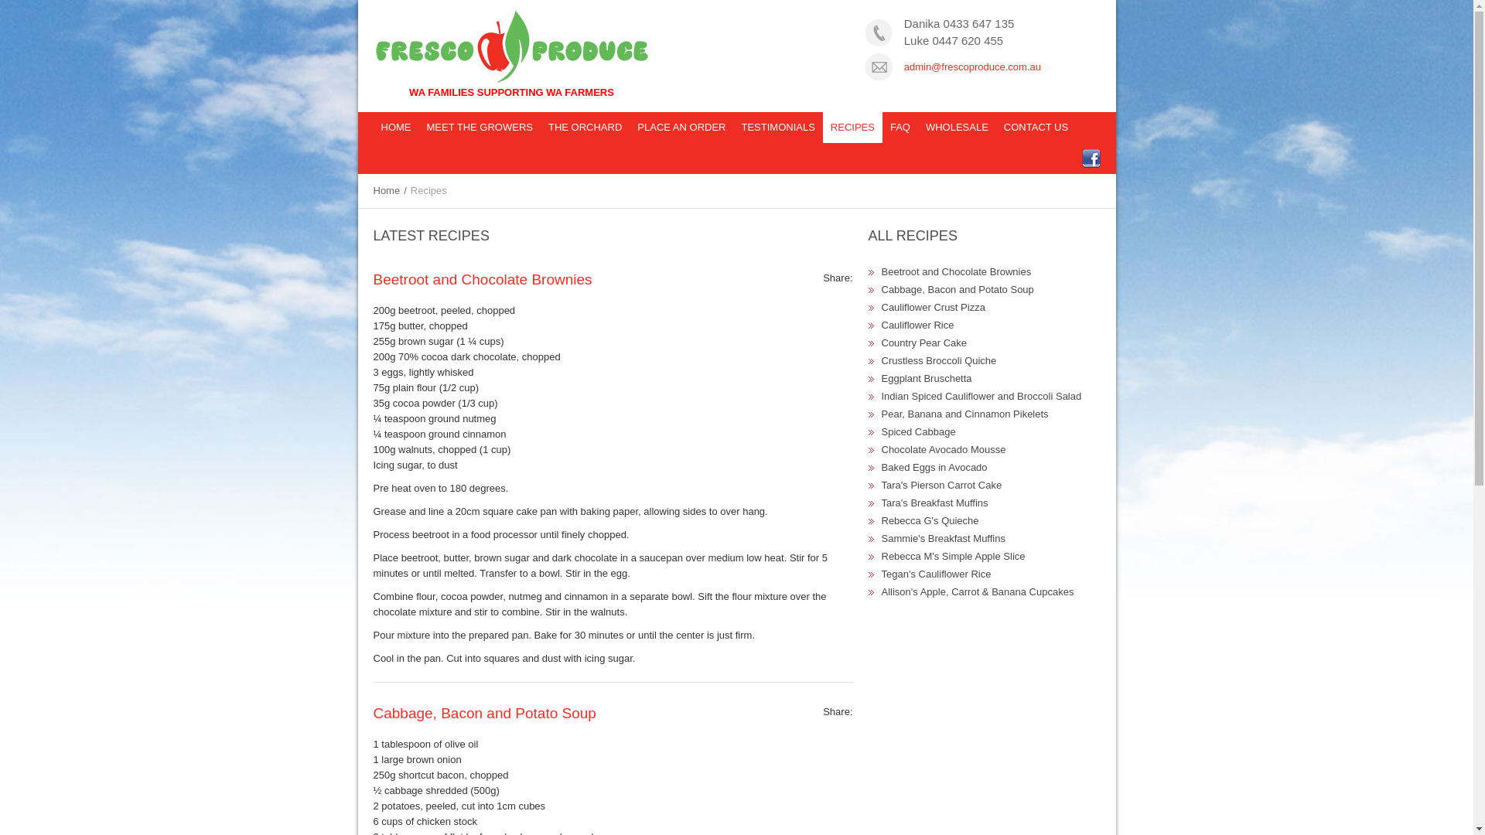  What do you see at coordinates (941, 484) in the screenshot?
I see `'Tara's Pierson Carrot Cake'` at bounding box center [941, 484].